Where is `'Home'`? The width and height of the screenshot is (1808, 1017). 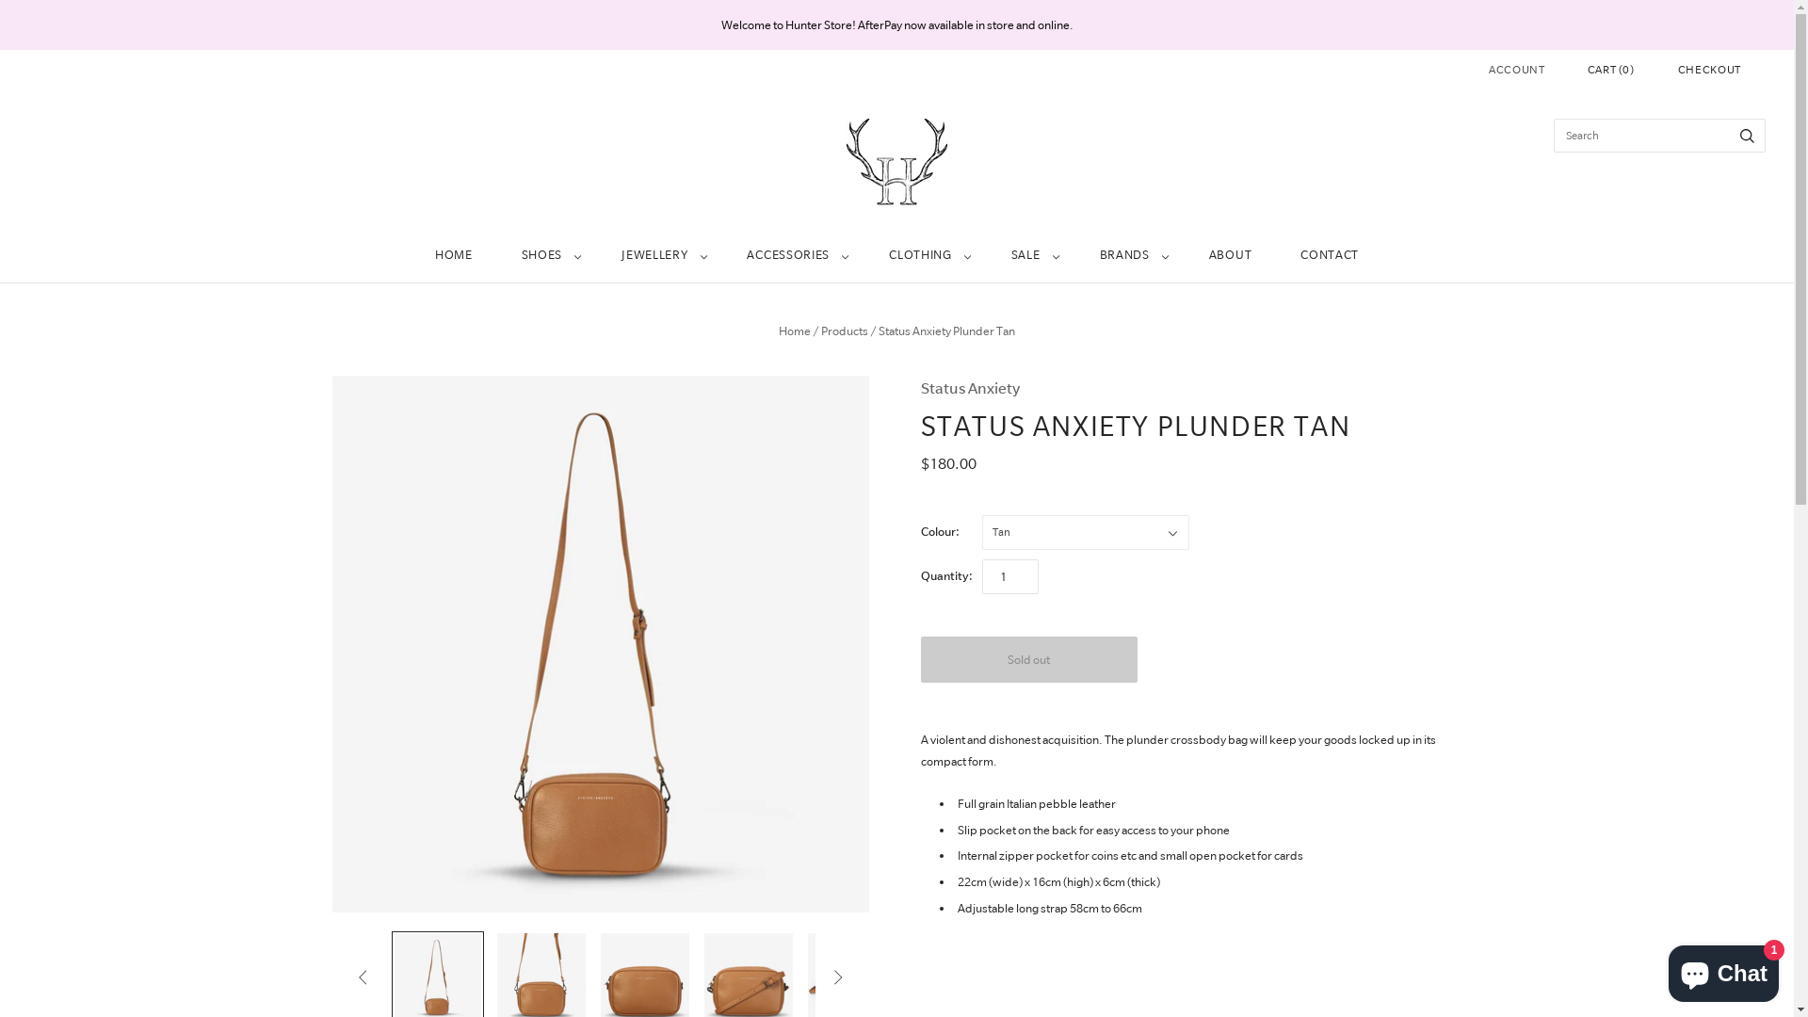 'Home' is located at coordinates (795, 330).